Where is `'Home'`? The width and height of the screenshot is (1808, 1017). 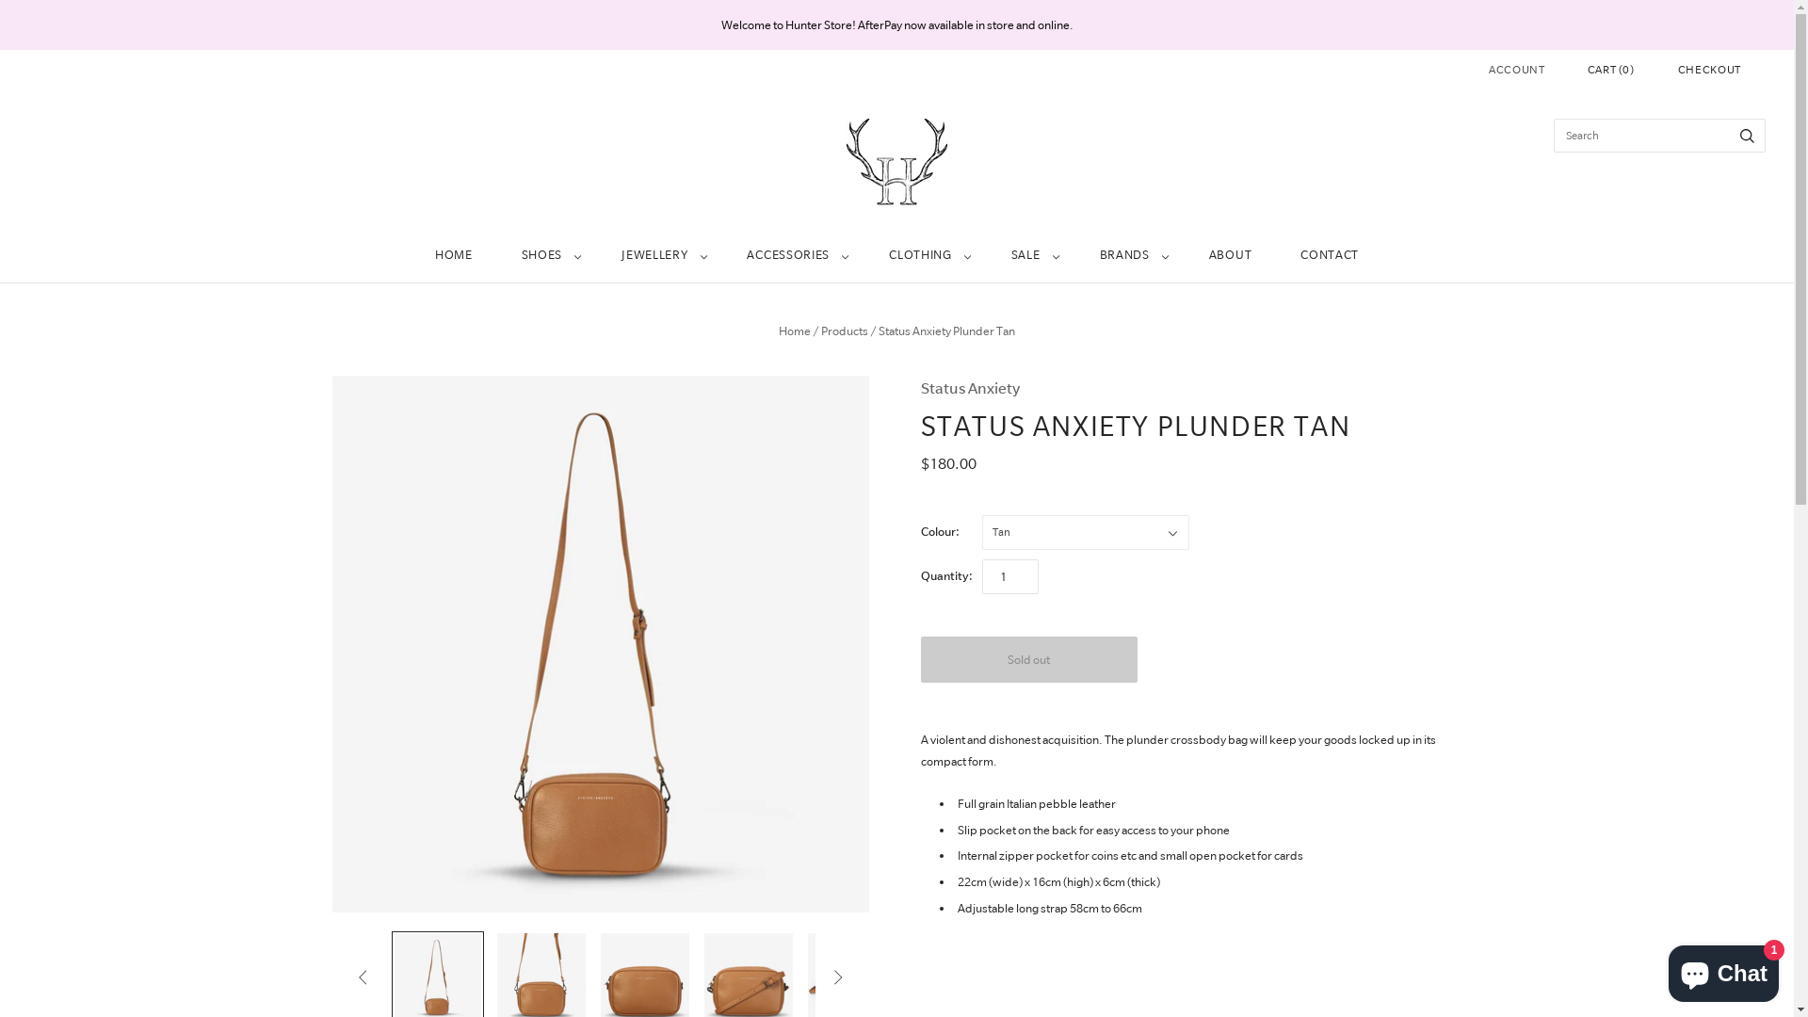 'Home' is located at coordinates (795, 330).